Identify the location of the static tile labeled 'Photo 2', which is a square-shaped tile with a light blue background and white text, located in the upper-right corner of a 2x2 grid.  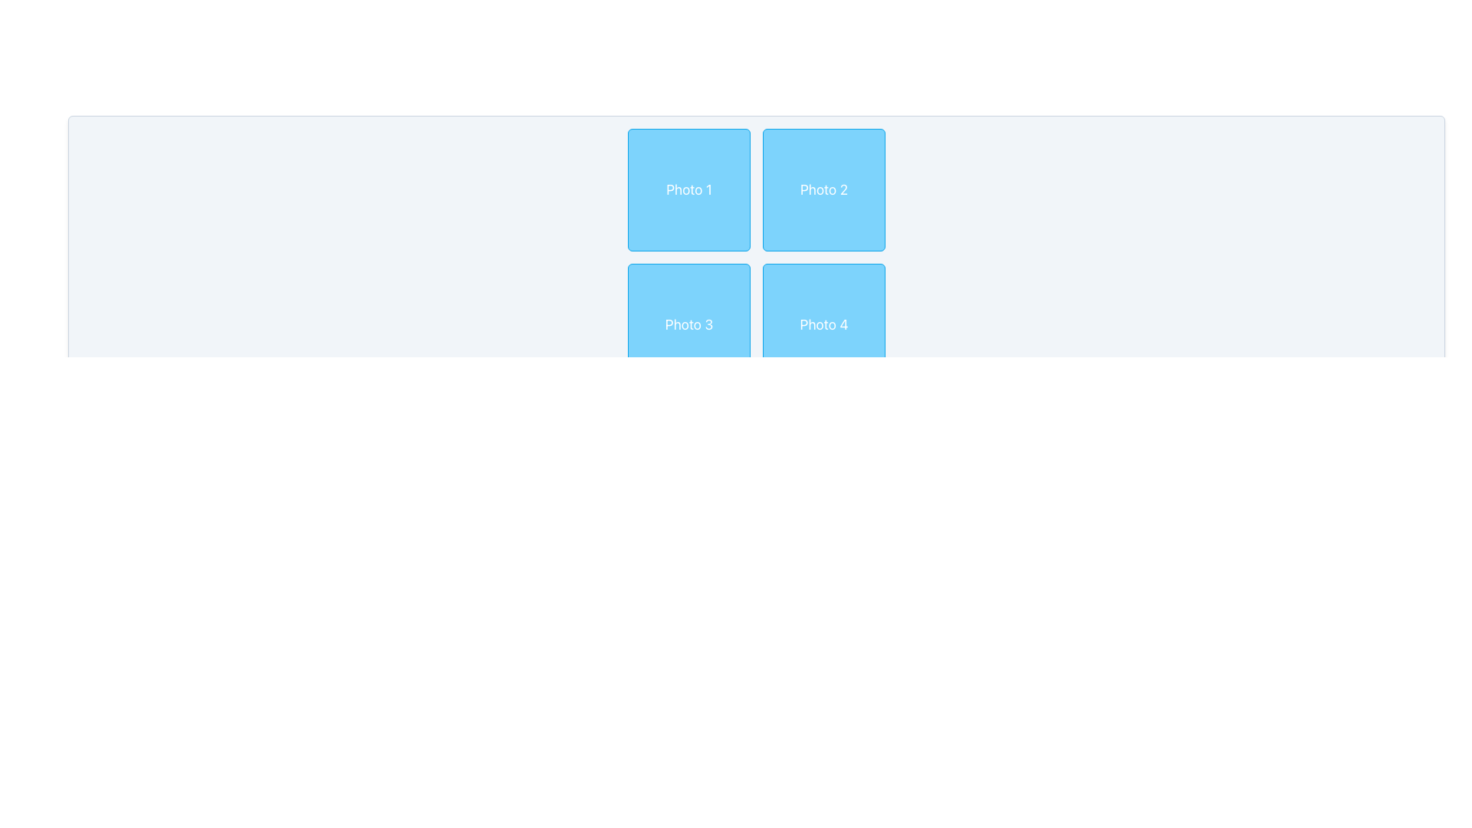
(823, 189).